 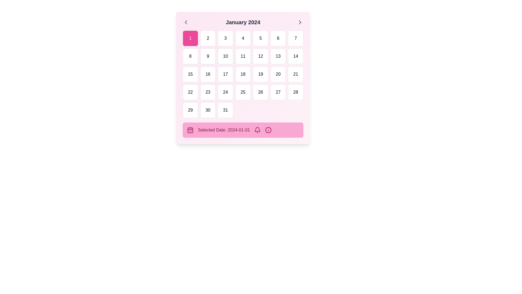 What do you see at coordinates (225, 92) in the screenshot?
I see `the calendar date cell displaying the number '24'` at bounding box center [225, 92].